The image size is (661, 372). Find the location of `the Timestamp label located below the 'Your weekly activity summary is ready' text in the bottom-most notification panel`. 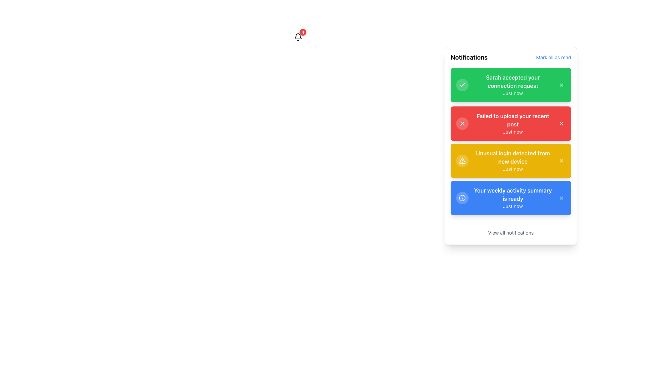

the Timestamp label located below the 'Your weekly activity summary is ready' text in the bottom-most notification panel is located at coordinates (513, 206).